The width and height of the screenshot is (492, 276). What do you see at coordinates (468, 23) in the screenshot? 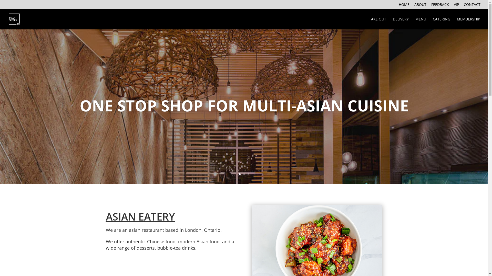
I see `'MEMBERSHIP'` at bounding box center [468, 23].